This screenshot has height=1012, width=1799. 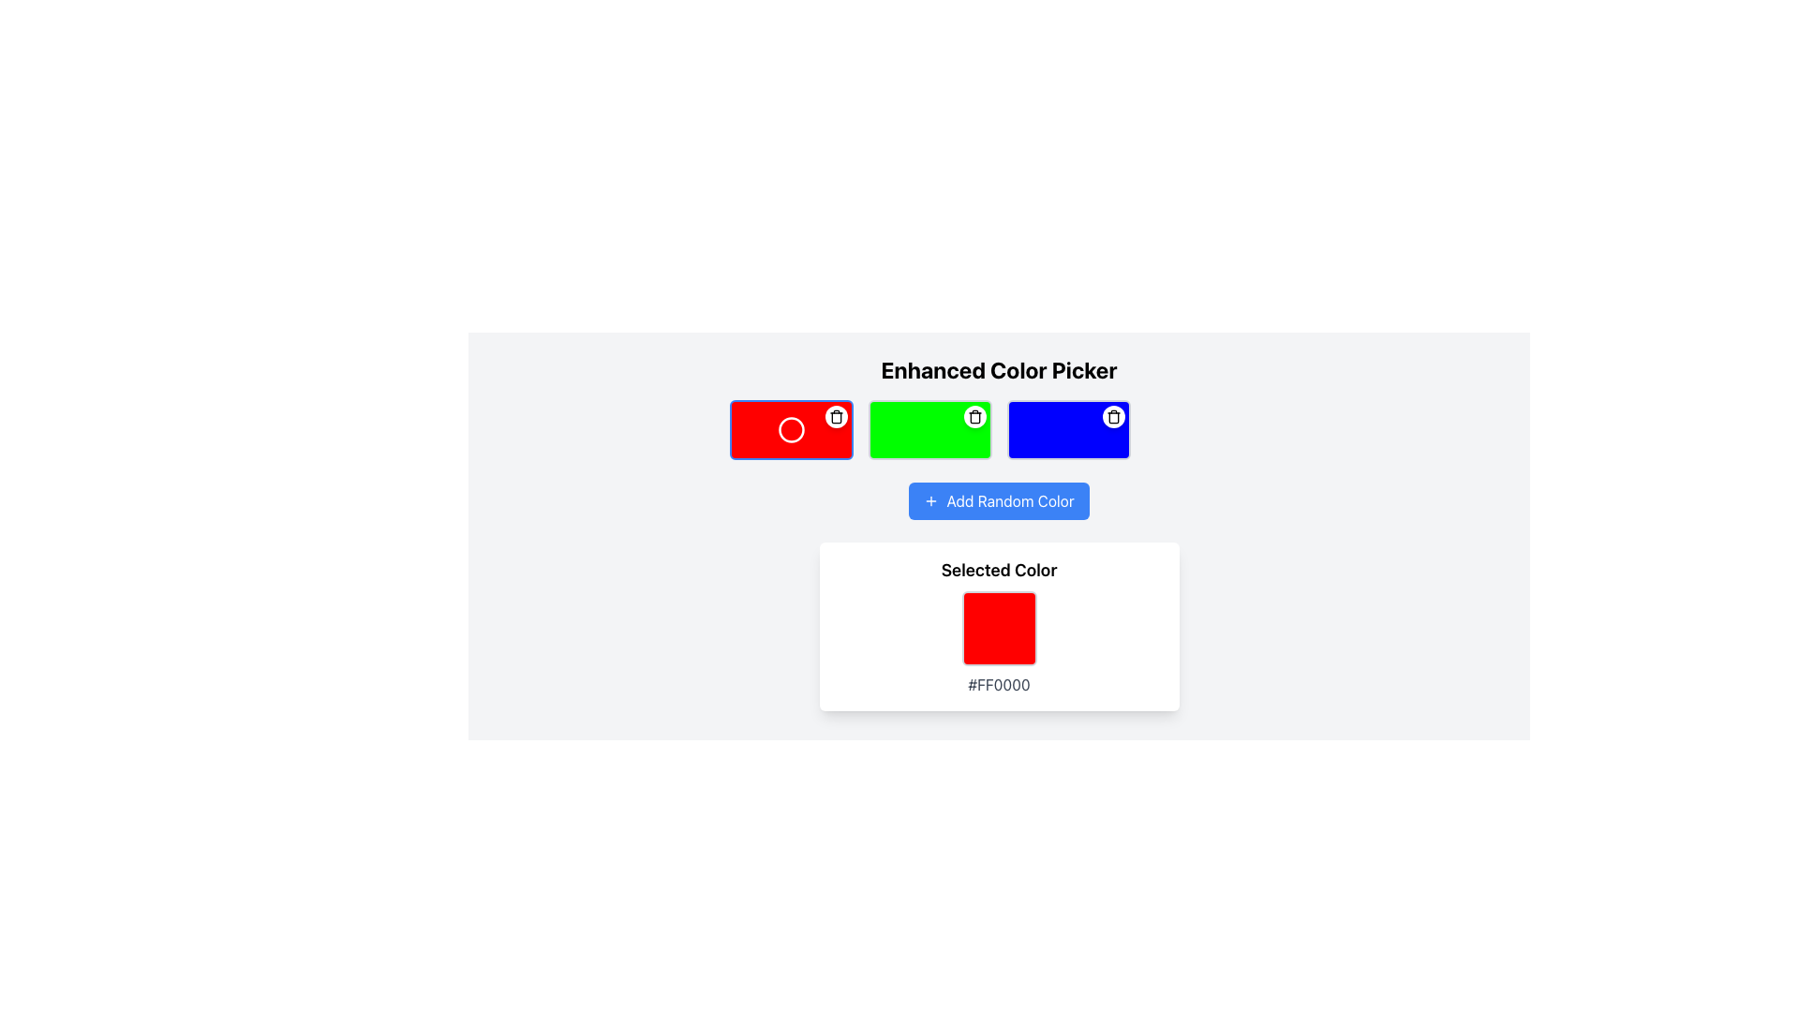 I want to click on the fourth Interactive Color Card that displays a blue color in the top center of the interface, so click(x=1068, y=430).